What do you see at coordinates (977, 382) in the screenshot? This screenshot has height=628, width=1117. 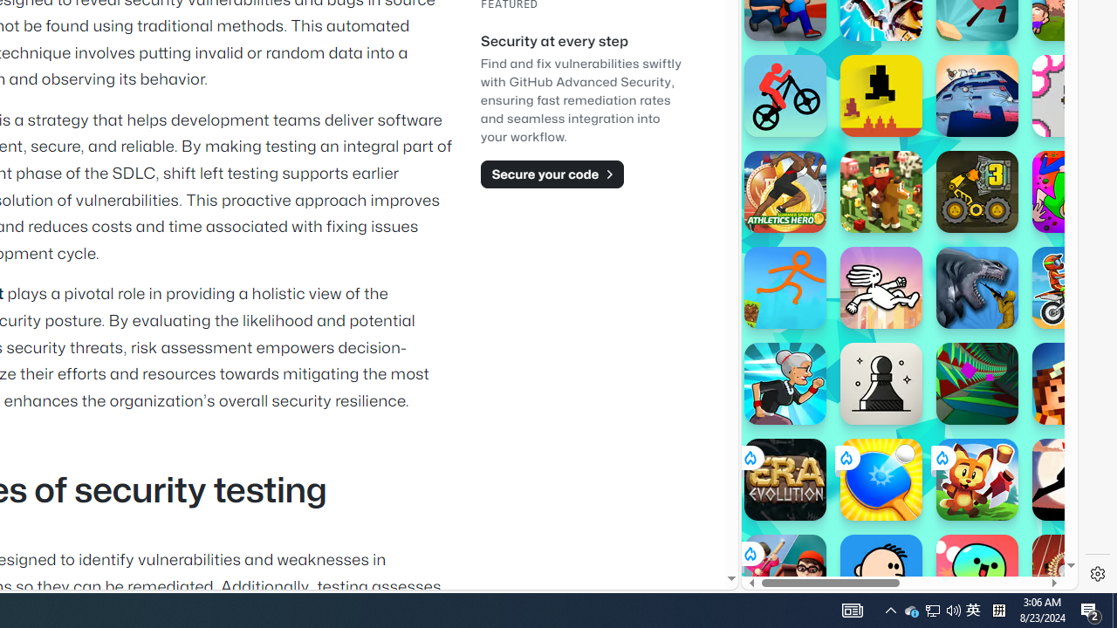 I see `'Tunnel Rush'` at bounding box center [977, 382].